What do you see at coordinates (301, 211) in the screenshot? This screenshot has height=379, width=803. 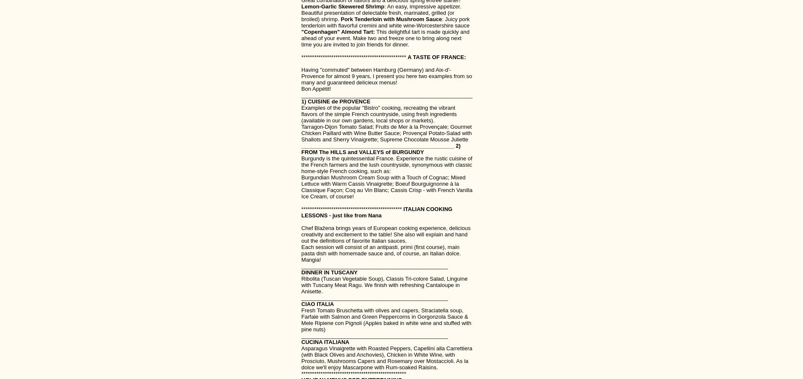 I see `'ITALIAN COOKING LESSONS - just like from Nana'` at bounding box center [301, 211].